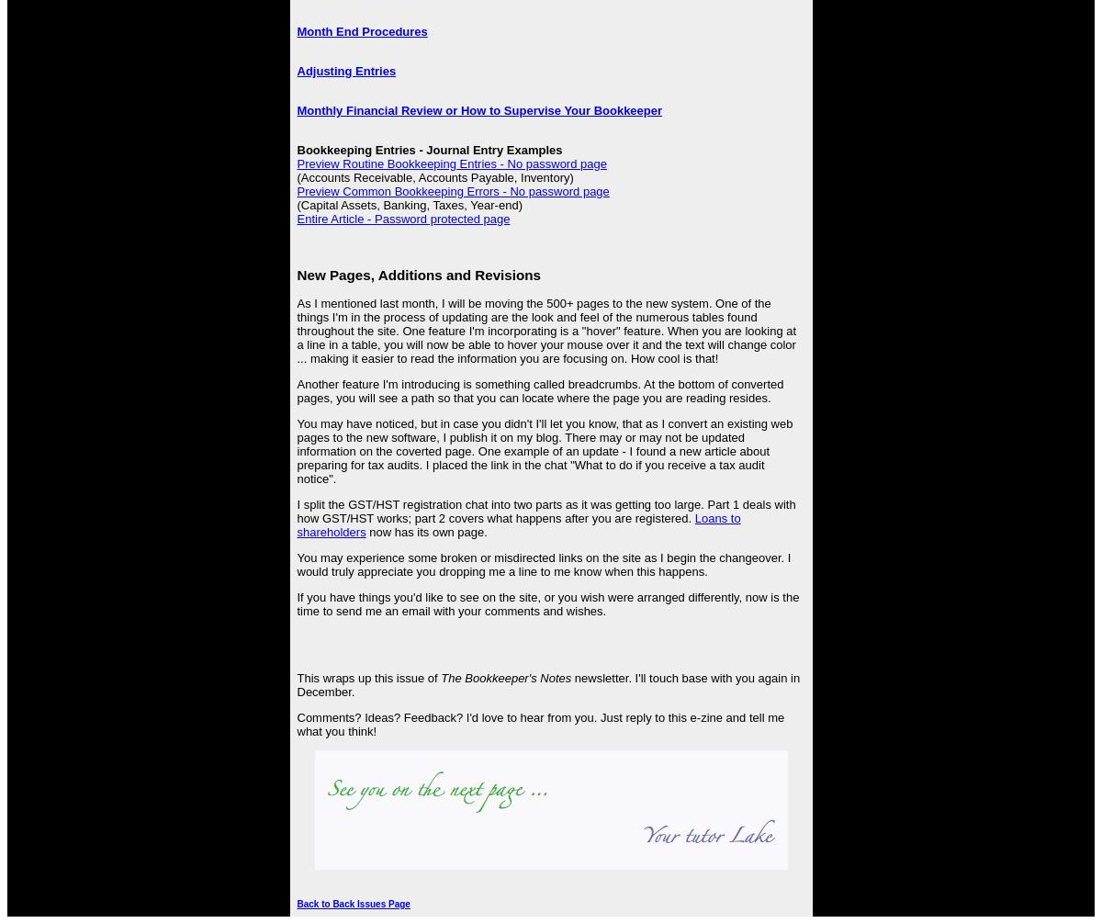 The width and height of the screenshot is (1102, 923). I want to click on 'Comments? Ideas? Feedback? I'd love to hear from you. Just reply to this e-zine and tell me what you think!', so click(539, 725).